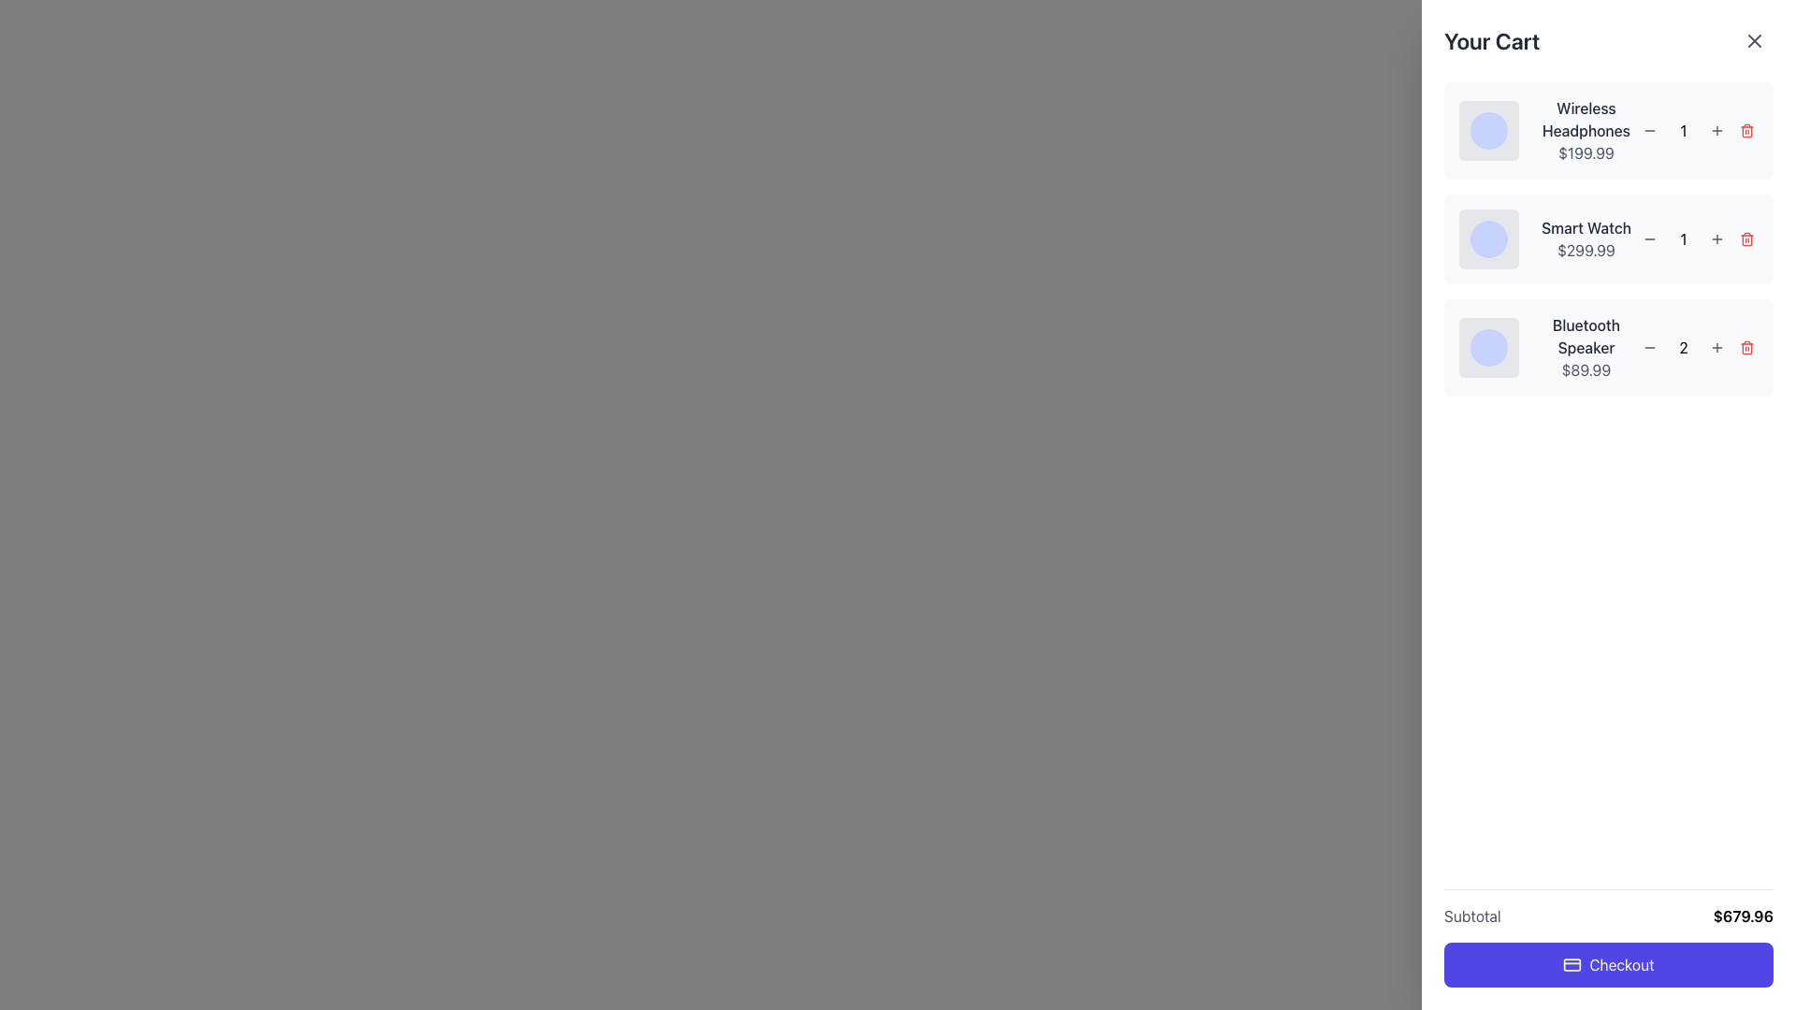 The height and width of the screenshot is (1010, 1796). I want to click on the rectangular SVG shape element with rounded corners, located at the top portion of the credit card icon, by, so click(1571, 965).